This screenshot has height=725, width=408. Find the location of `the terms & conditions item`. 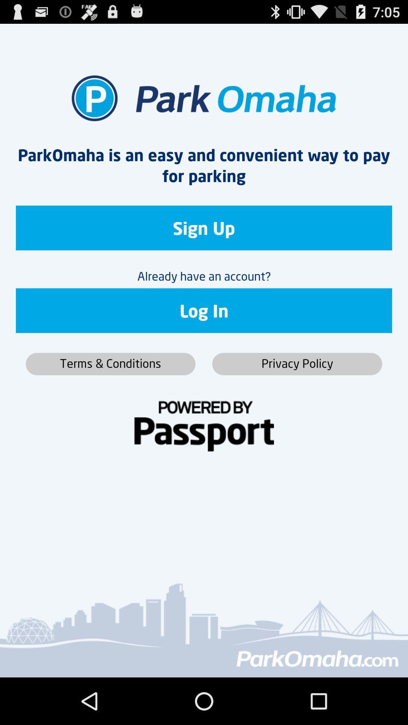

the terms & conditions item is located at coordinates (110, 364).